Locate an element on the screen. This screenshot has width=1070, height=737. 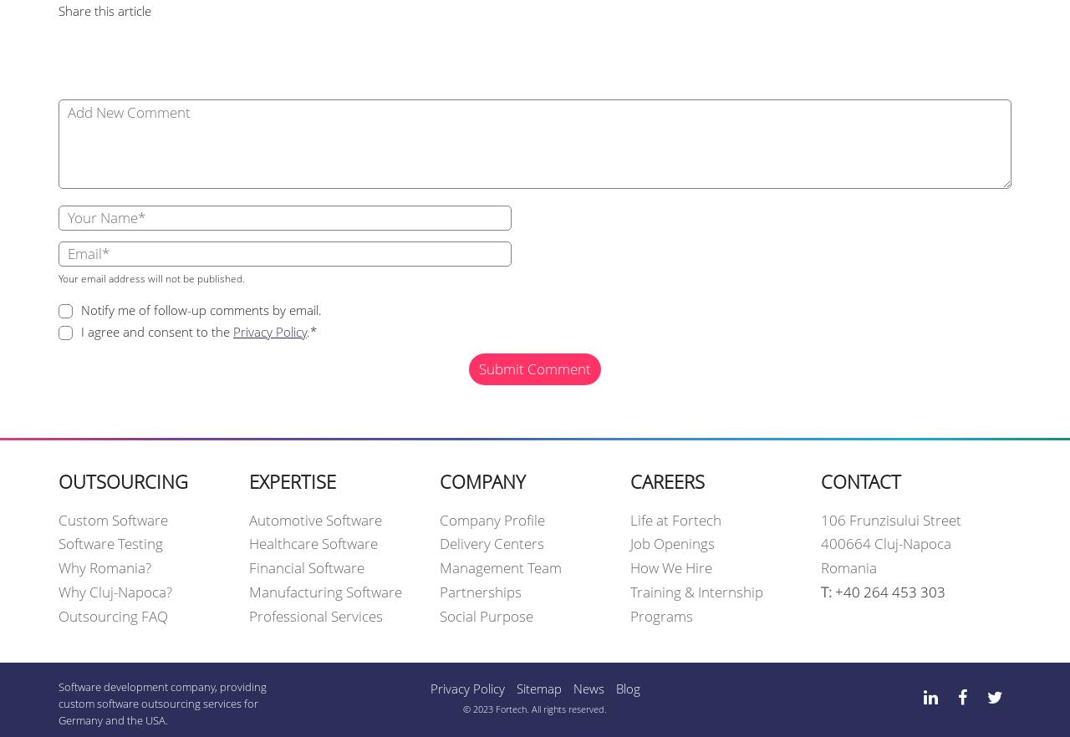
'Software Testing' is located at coordinates (110, 543).